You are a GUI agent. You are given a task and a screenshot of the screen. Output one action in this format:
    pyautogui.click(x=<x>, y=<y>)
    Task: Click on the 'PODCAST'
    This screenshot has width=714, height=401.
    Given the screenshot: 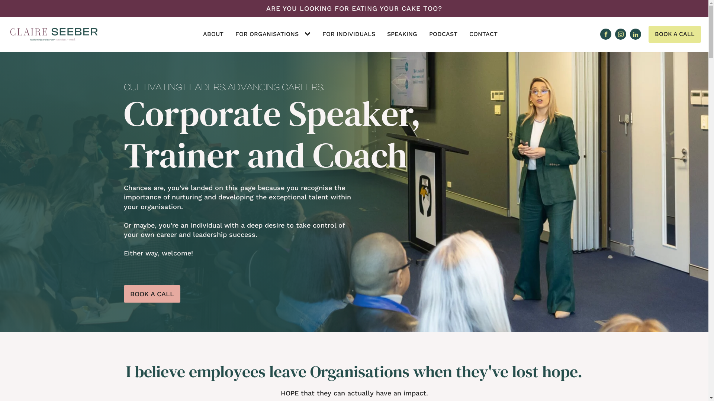 What is the action you would take?
    pyautogui.click(x=443, y=34)
    